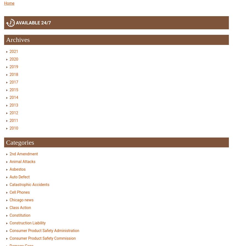 The width and height of the screenshot is (233, 246). I want to click on '2017', so click(14, 82).